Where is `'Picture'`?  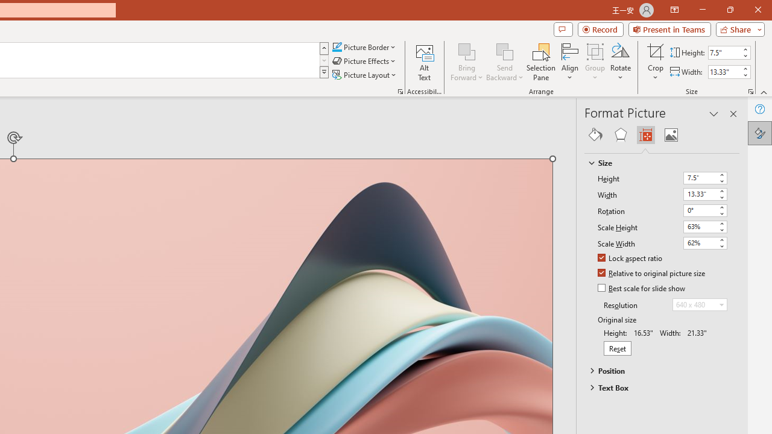 'Picture' is located at coordinates (670, 134).